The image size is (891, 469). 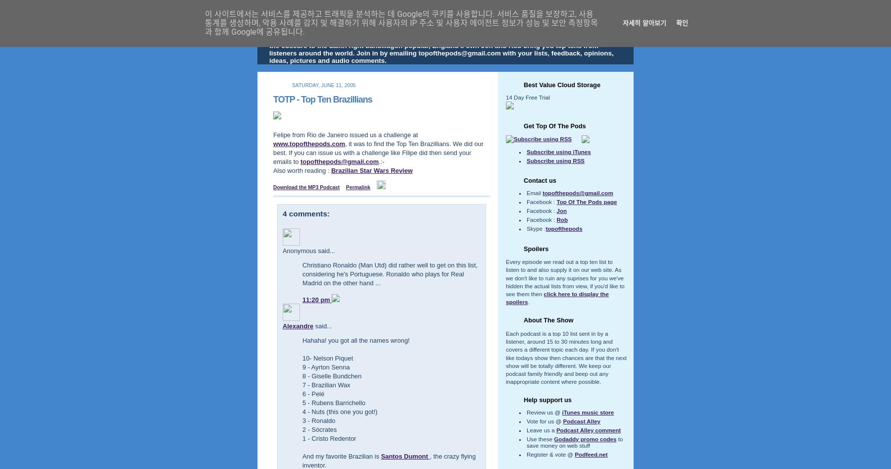 What do you see at coordinates (377, 152) in the screenshot?
I see `', it was to find the Top Ten Brazillians. We did our best. If you can issue us with a challenge like Filipe did then send your emails to'` at bounding box center [377, 152].